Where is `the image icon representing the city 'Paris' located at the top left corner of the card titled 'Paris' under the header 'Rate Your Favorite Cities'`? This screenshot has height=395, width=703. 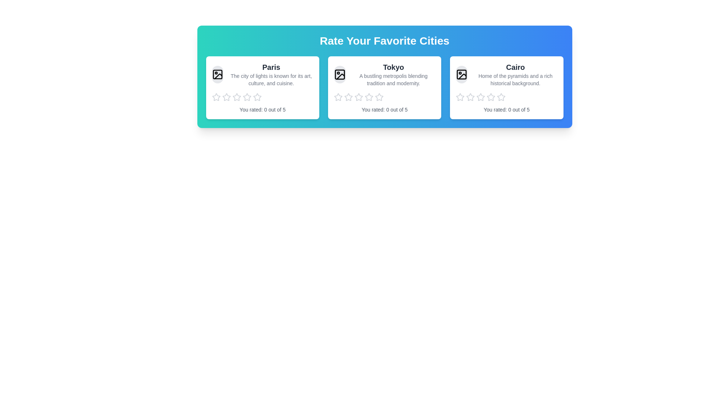 the image icon representing the city 'Paris' located at the top left corner of the card titled 'Paris' under the header 'Rate Your Favorite Cities' is located at coordinates (217, 75).